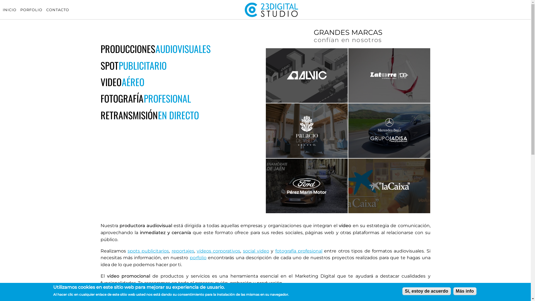  Describe the element at coordinates (127, 251) in the screenshot. I see `'spots publicitarios'` at that location.